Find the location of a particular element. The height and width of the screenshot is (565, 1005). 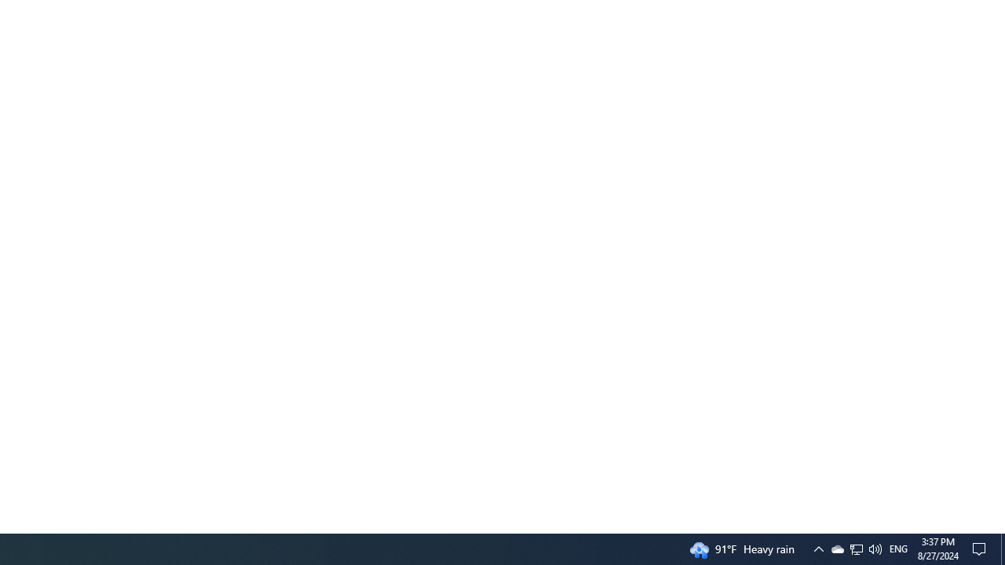

'Tray Input Indicator - English (United States)' is located at coordinates (898, 548).